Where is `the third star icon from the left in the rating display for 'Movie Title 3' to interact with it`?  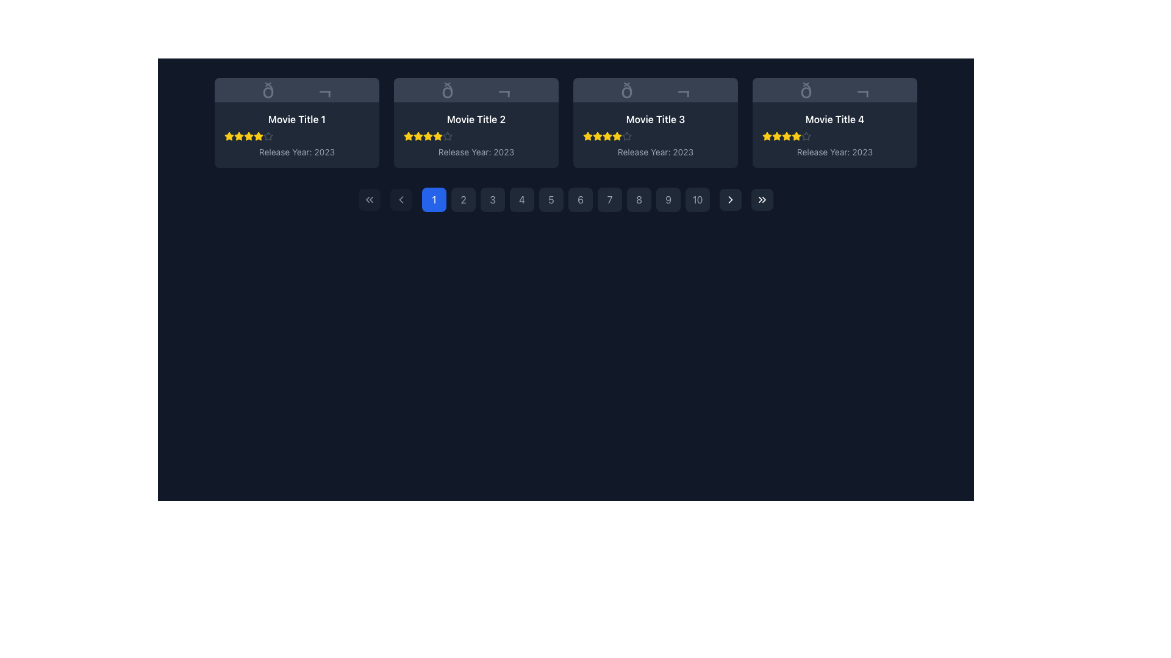 the third star icon from the left in the rating display for 'Movie Title 3' to interact with it is located at coordinates (597, 136).